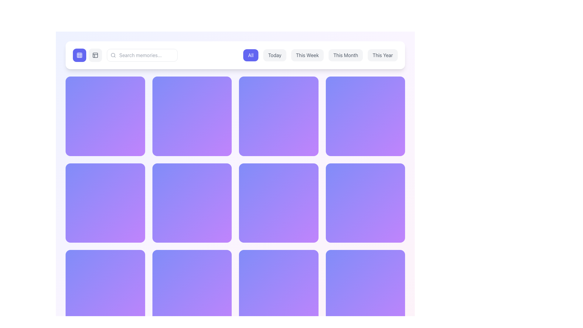 This screenshot has height=328, width=583. Describe the element at coordinates (307, 55) in the screenshot. I see `the filter button that narrows down displayed content to entries from the current week, located between the 'Today' and 'This Month' buttons` at that location.